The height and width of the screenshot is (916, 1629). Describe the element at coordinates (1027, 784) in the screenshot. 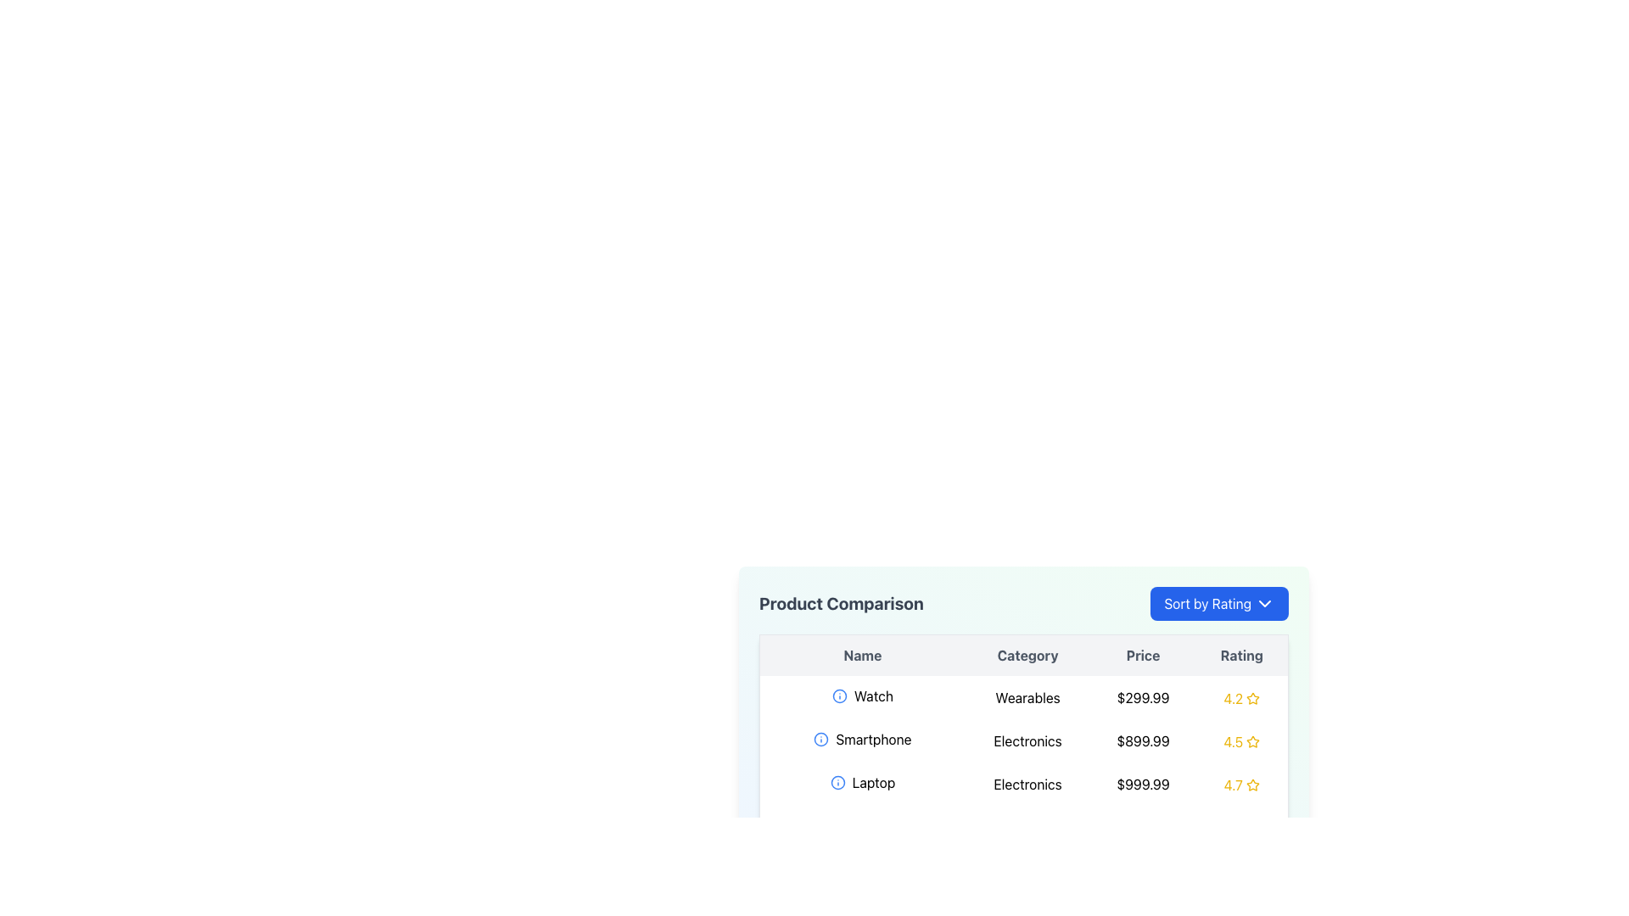

I see `the Text Label in the 'Category' column of the third row, which indicates the product category 'Laptop'` at that location.